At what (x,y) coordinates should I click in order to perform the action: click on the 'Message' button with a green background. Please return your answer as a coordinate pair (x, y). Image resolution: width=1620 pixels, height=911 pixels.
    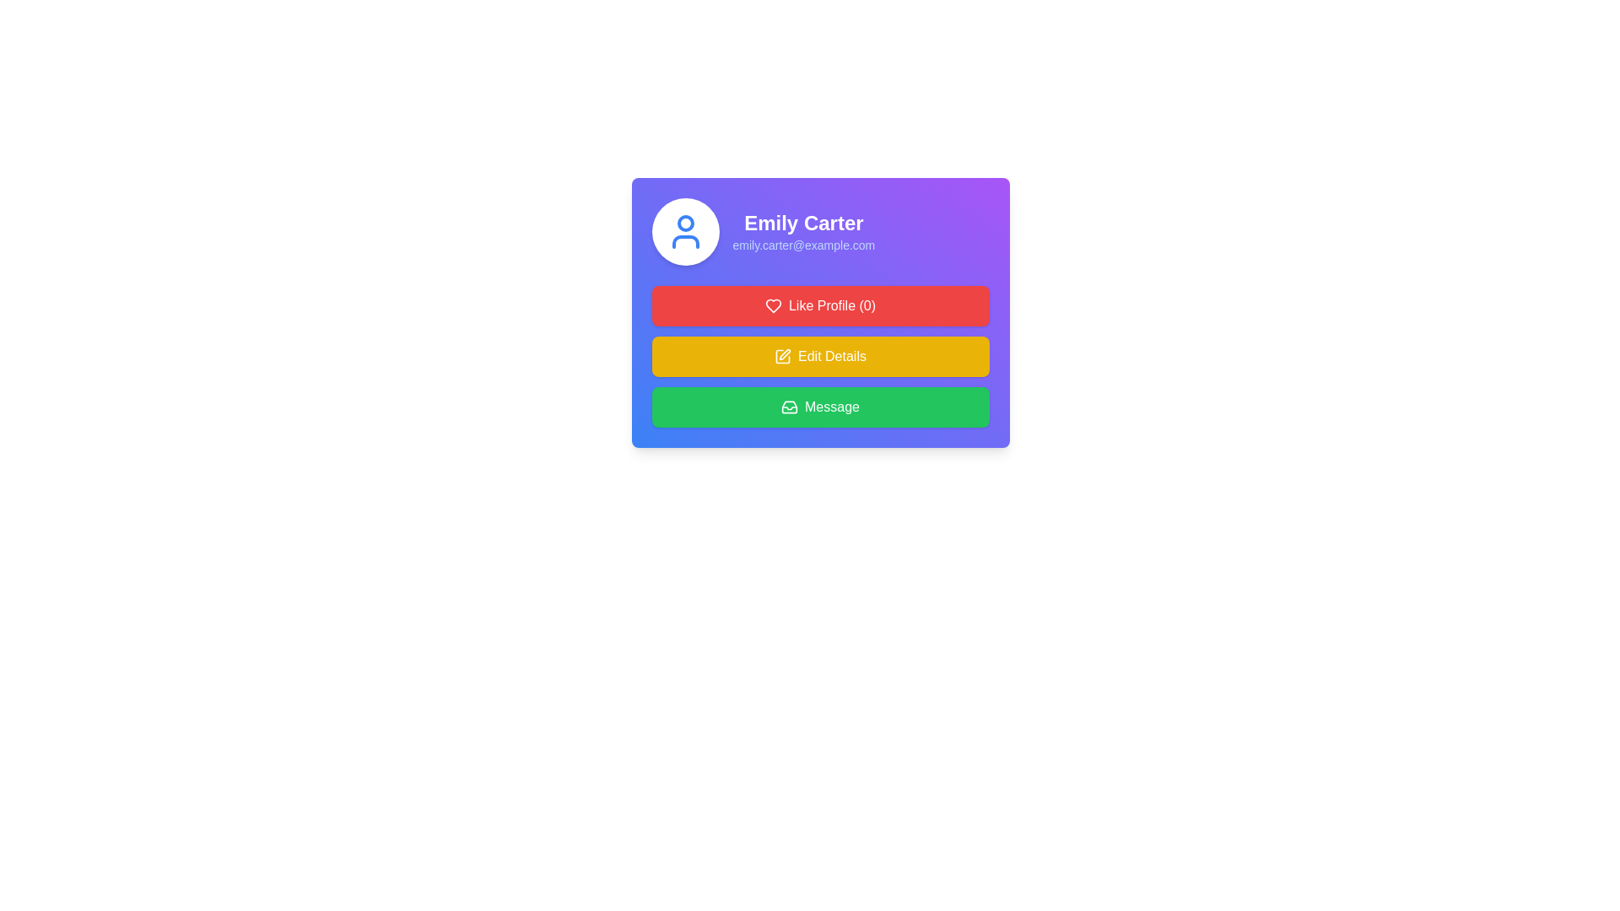
    Looking at the image, I should click on (820, 407).